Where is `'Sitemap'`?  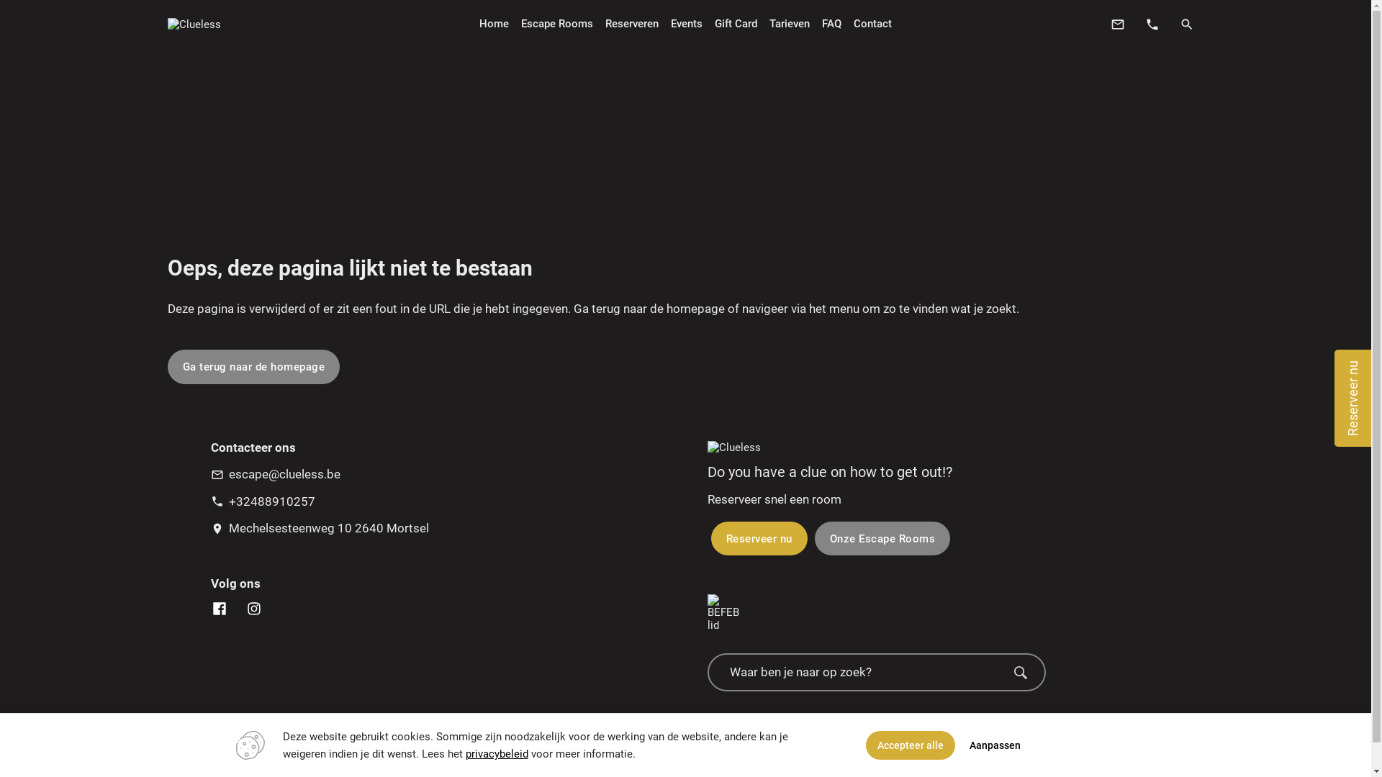
'Sitemap' is located at coordinates (702, 757).